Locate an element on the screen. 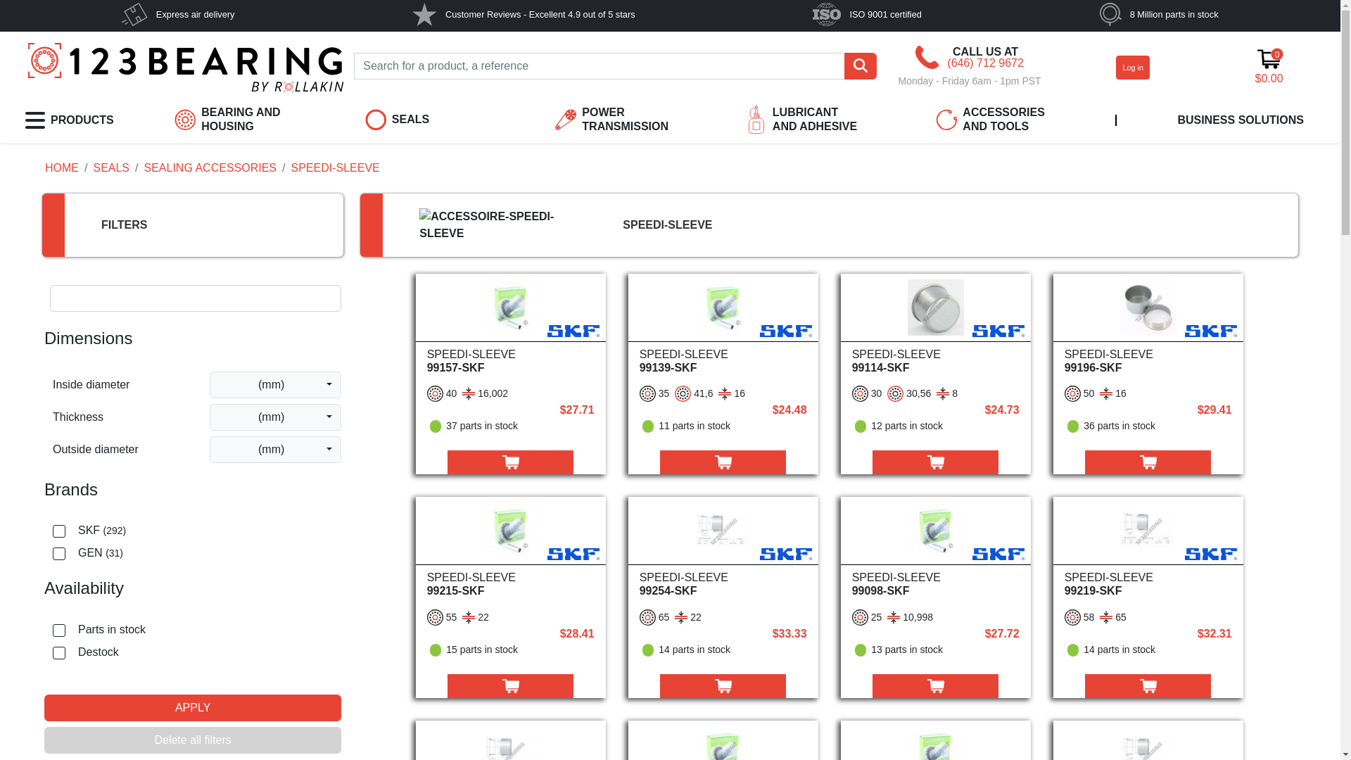 This screenshot has width=1351, height=760. 'SPEEDI-SLEEVE is located at coordinates (1053, 358).